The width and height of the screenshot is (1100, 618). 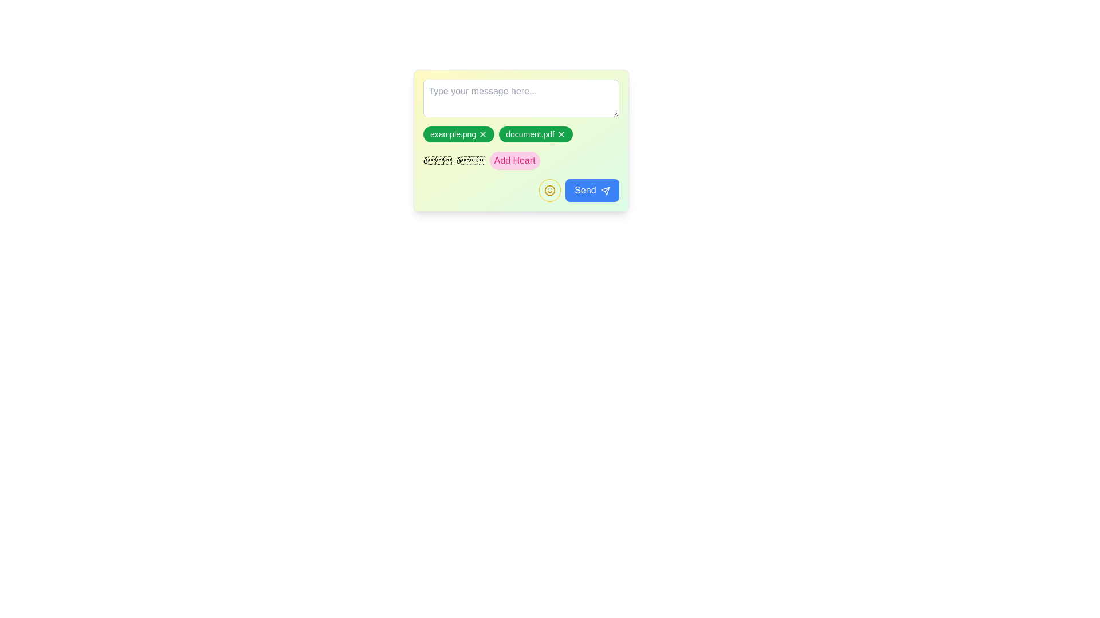 What do you see at coordinates (521, 134) in the screenshot?
I see `the close icon ('X') on the interactive file item list` at bounding box center [521, 134].